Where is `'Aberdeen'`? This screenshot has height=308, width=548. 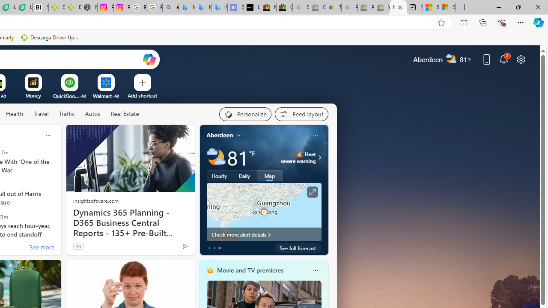
'Aberdeen' is located at coordinates (220, 135).